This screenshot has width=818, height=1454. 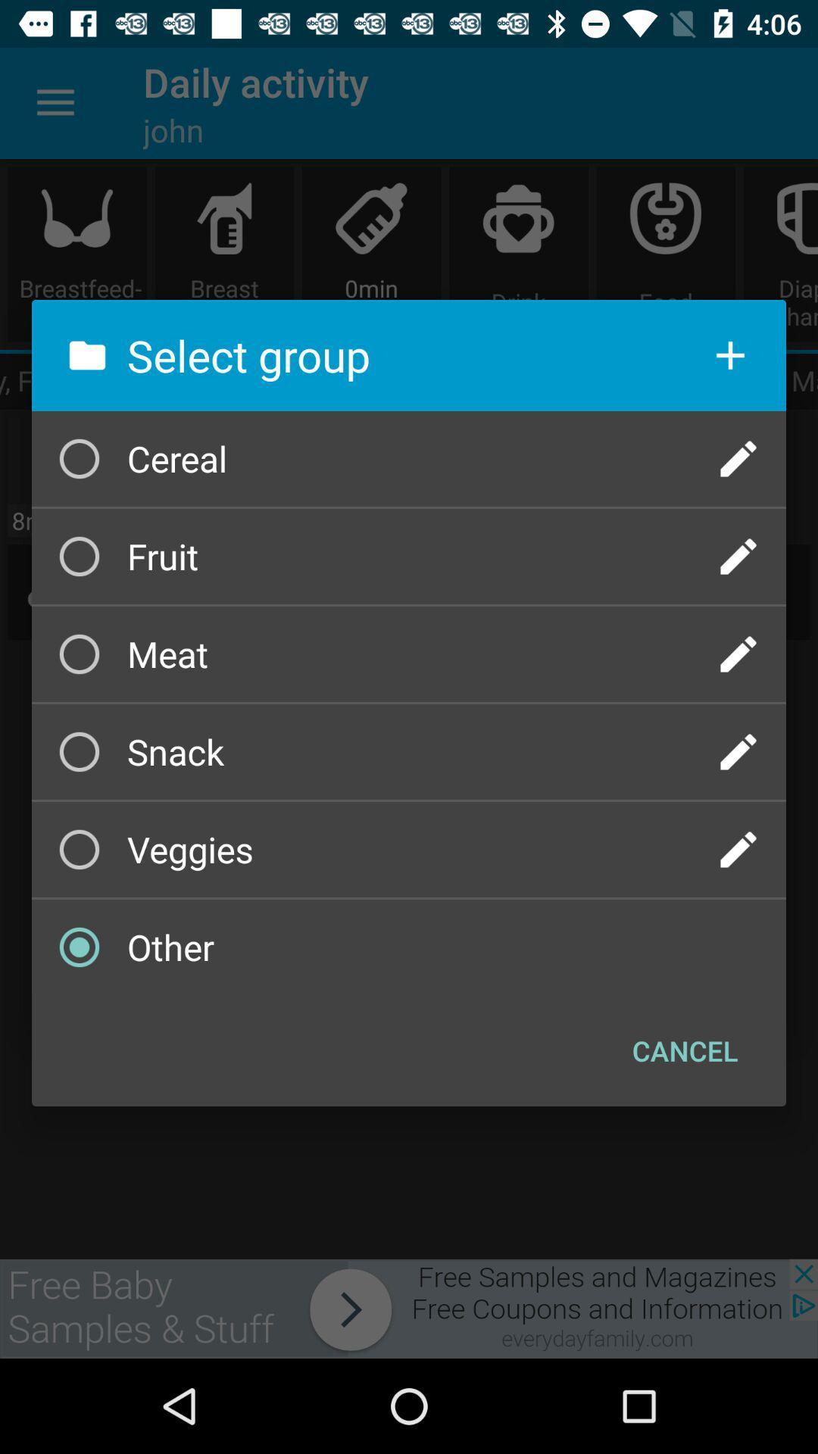 I want to click on edit fruit option, so click(x=738, y=555).